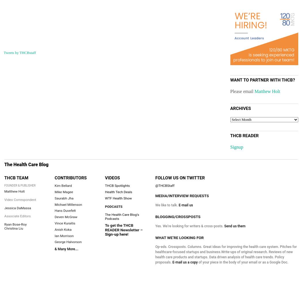 The height and width of the screenshot is (287, 302). Describe the element at coordinates (230, 91) in the screenshot. I see `'Please email'` at that location.